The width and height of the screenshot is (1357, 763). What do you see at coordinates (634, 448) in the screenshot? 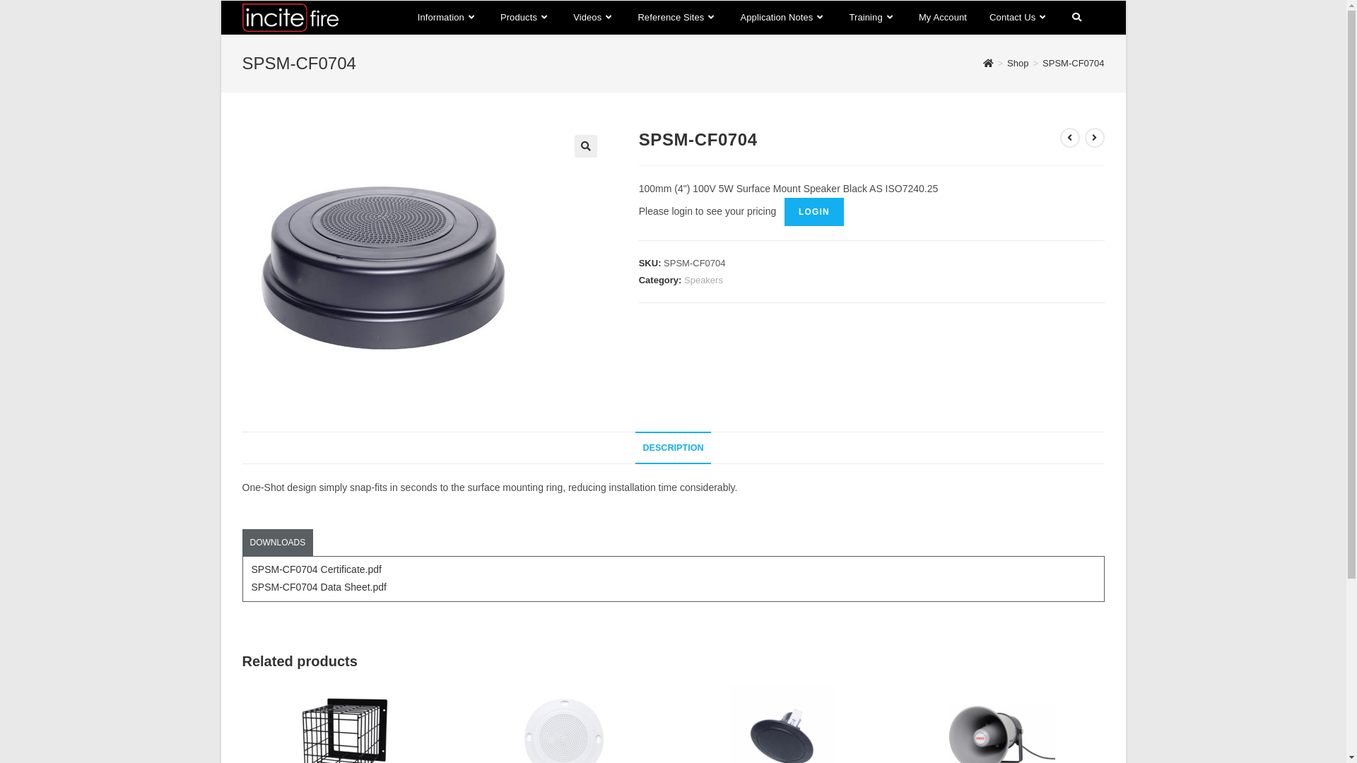
I see `'DESCRIPTION'` at bounding box center [634, 448].